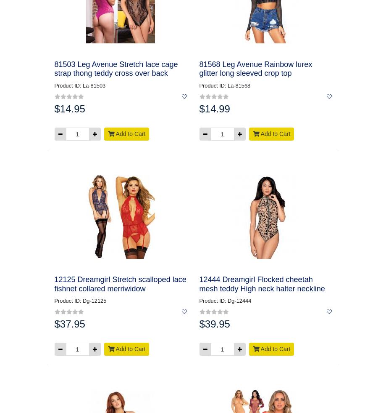  I want to click on 'Product ID: Dg-12444', so click(224, 301).